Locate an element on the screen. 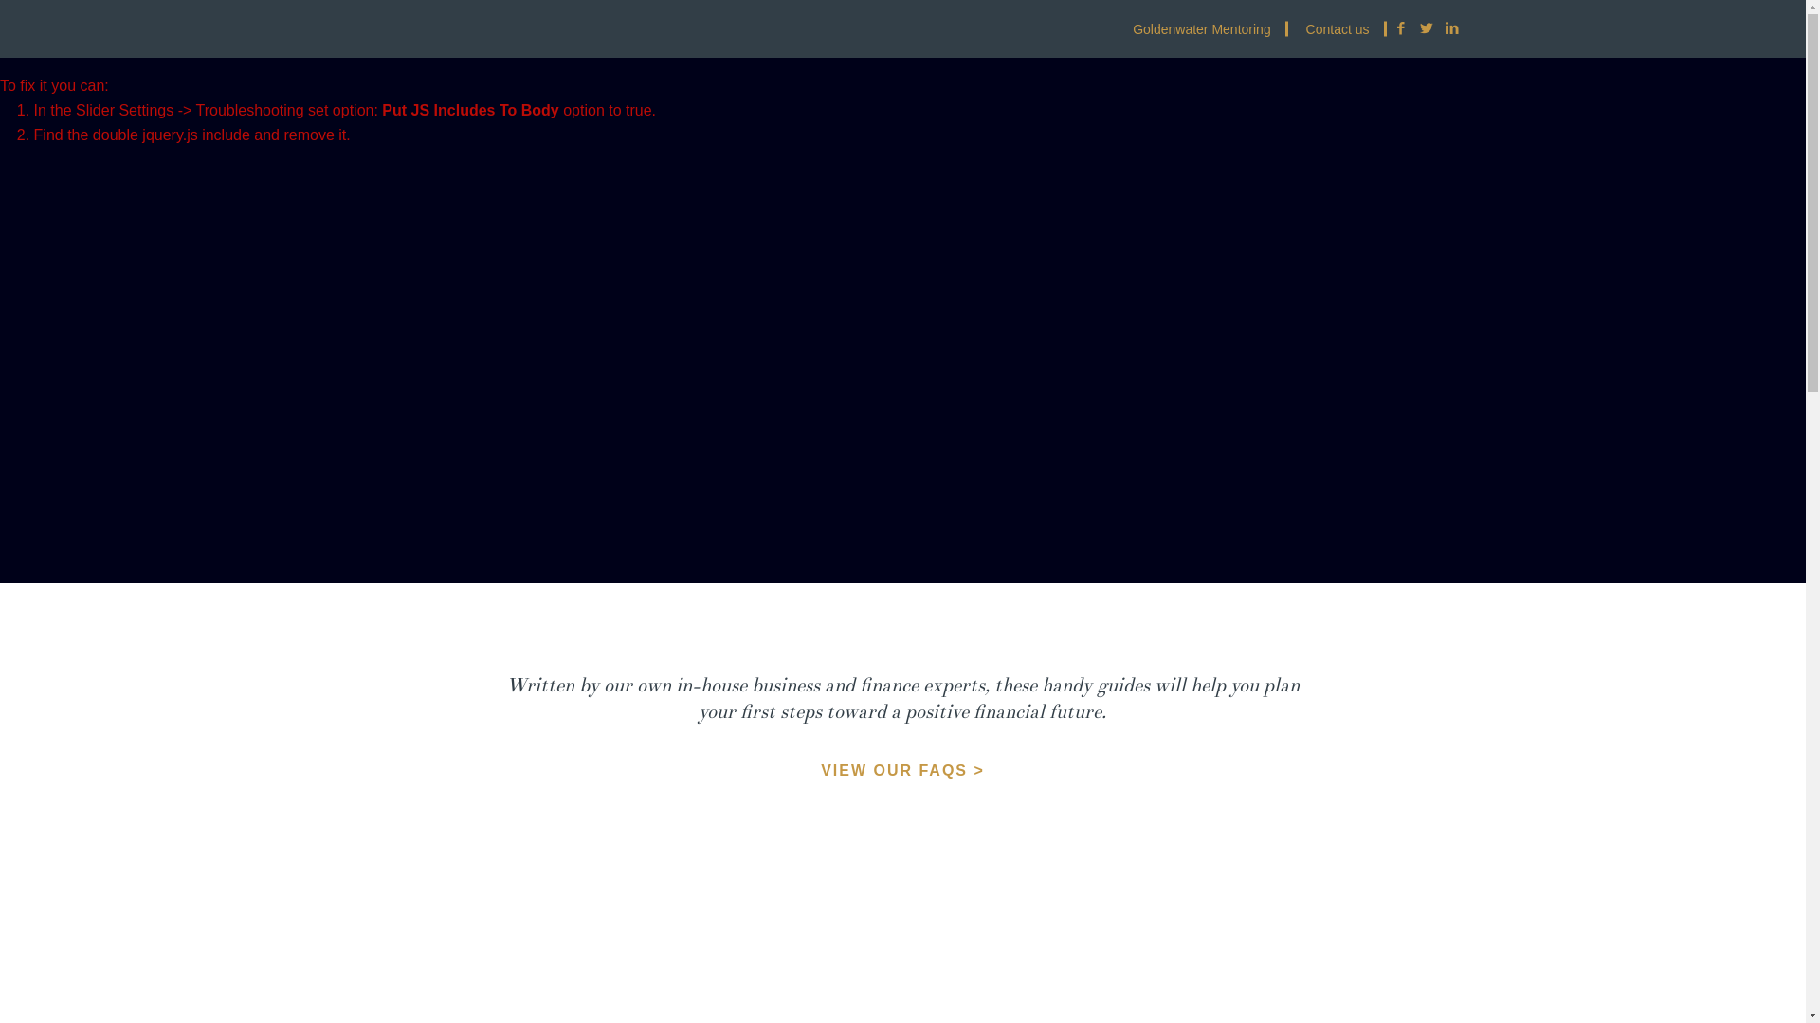 This screenshot has width=1820, height=1023. 'Facebook' is located at coordinates (1401, 27).